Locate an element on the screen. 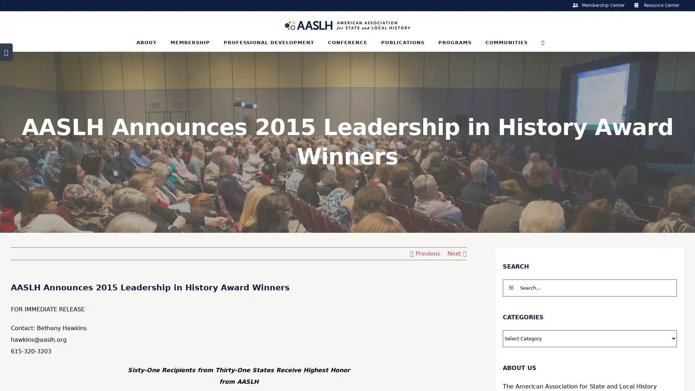 This screenshot has width=695, height=391. Search is located at coordinates (543, 42).